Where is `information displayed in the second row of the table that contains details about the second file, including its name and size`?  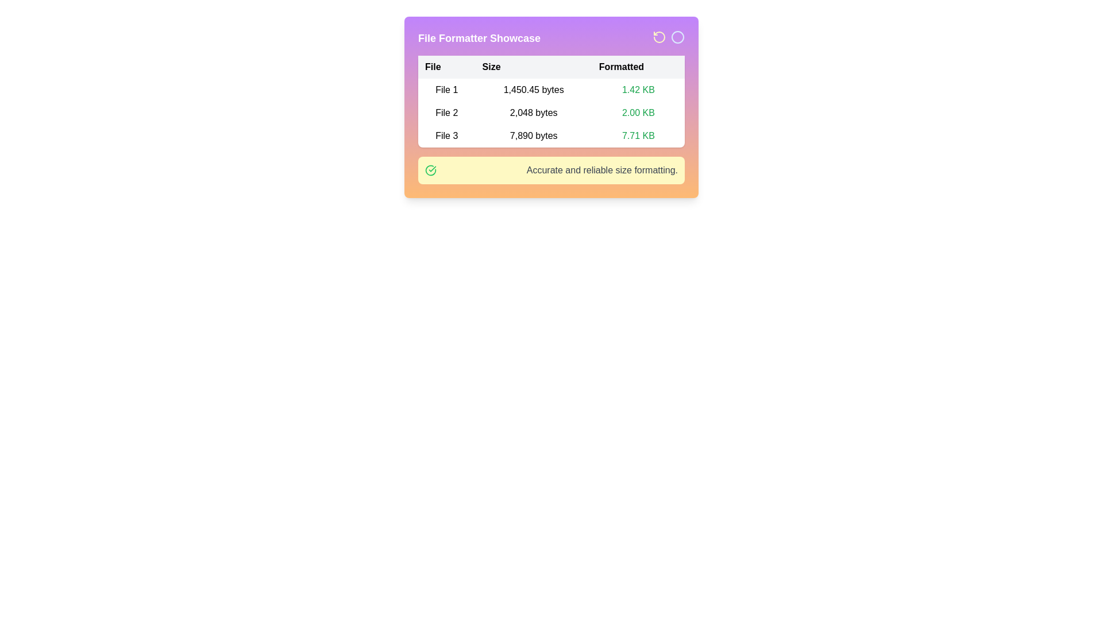 information displayed in the second row of the table that contains details about the second file, including its name and size is located at coordinates (551, 113).